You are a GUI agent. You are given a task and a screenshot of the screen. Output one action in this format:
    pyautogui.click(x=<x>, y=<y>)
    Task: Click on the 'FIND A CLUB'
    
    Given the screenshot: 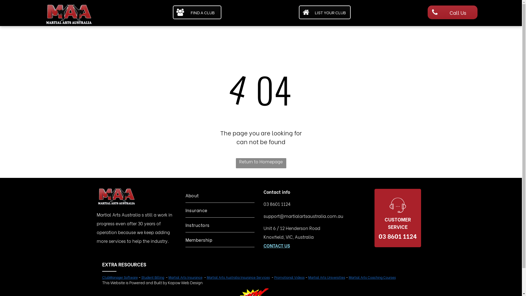 What is the action you would take?
    pyautogui.click(x=197, y=12)
    